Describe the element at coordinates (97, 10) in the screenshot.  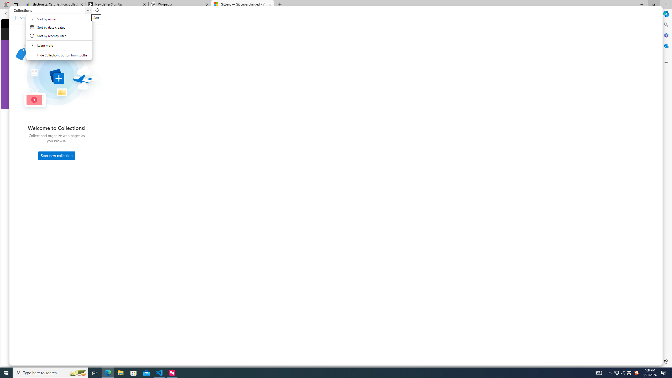
I see `'Pin Collections'` at that location.